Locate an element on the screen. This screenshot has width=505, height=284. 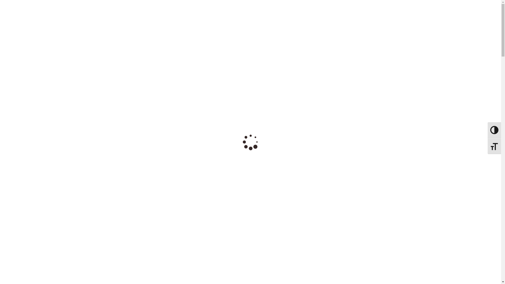
'Toggle Font size' is located at coordinates (494, 146).